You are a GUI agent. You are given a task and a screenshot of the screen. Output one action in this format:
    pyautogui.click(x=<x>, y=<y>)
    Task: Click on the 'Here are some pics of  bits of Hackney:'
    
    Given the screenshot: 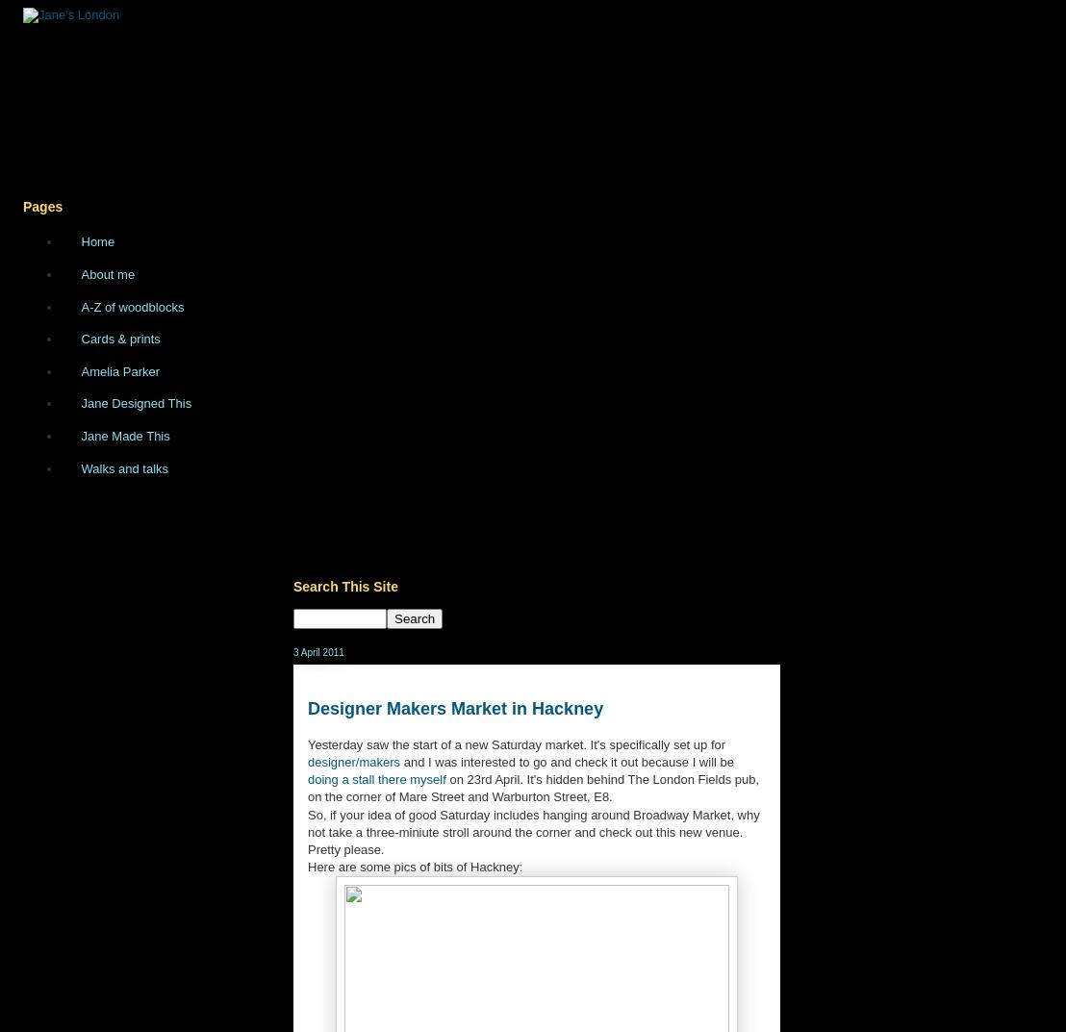 What is the action you would take?
    pyautogui.click(x=414, y=867)
    